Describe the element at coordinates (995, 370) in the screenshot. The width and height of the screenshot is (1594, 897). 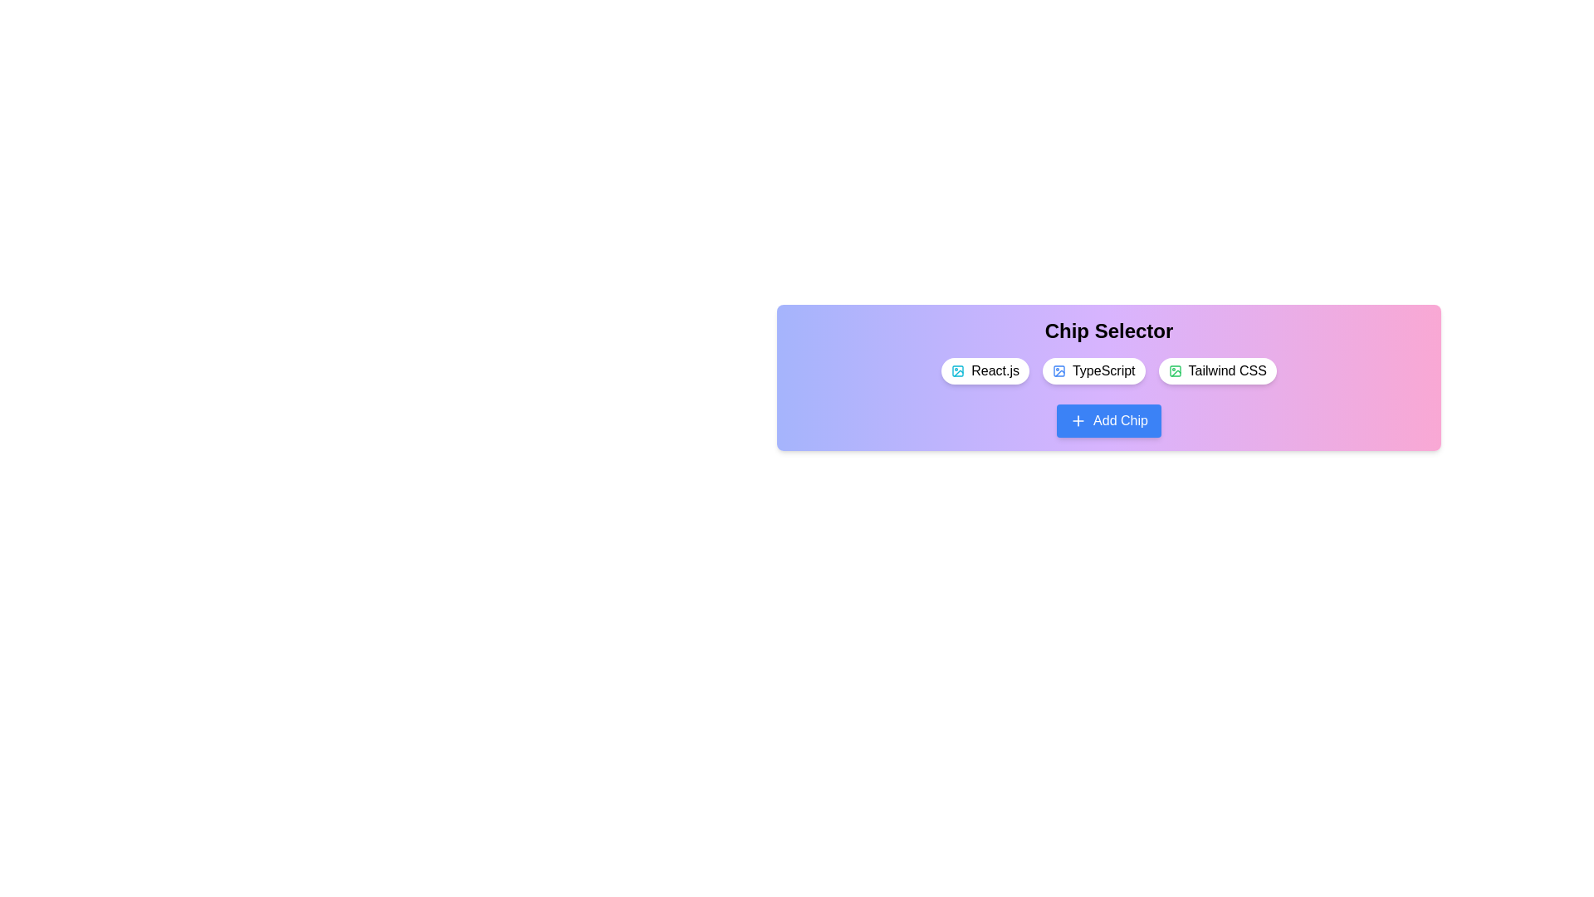
I see `the leftmost text-based selectable chip displaying 'React.js'` at that location.